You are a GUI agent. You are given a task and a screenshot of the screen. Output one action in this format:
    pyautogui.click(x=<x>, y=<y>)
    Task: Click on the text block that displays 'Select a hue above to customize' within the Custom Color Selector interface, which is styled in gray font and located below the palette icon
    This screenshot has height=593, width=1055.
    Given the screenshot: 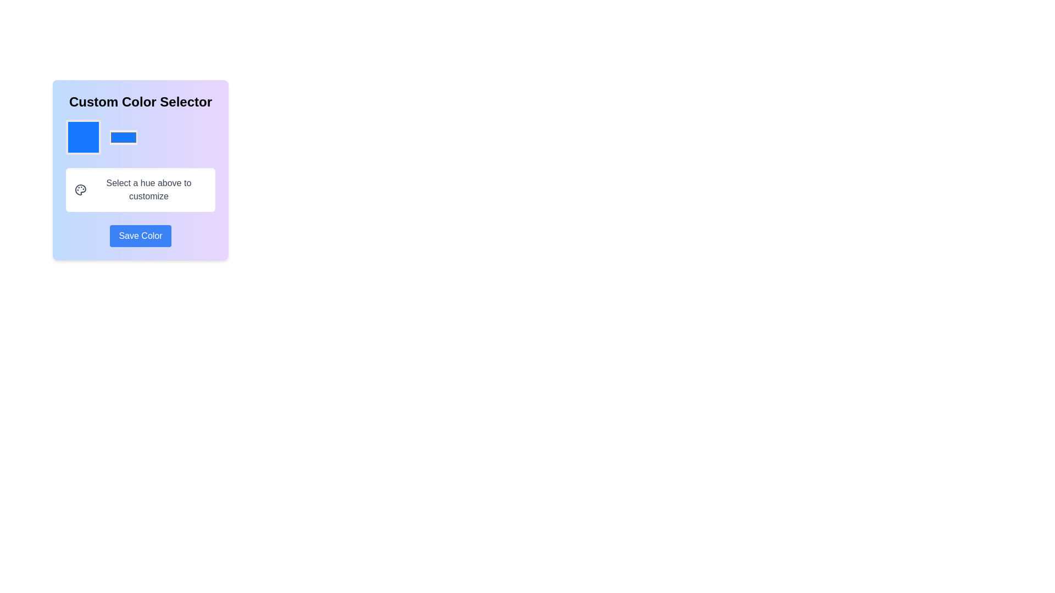 What is the action you would take?
    pyautogui.click(x=148, y=189)
    